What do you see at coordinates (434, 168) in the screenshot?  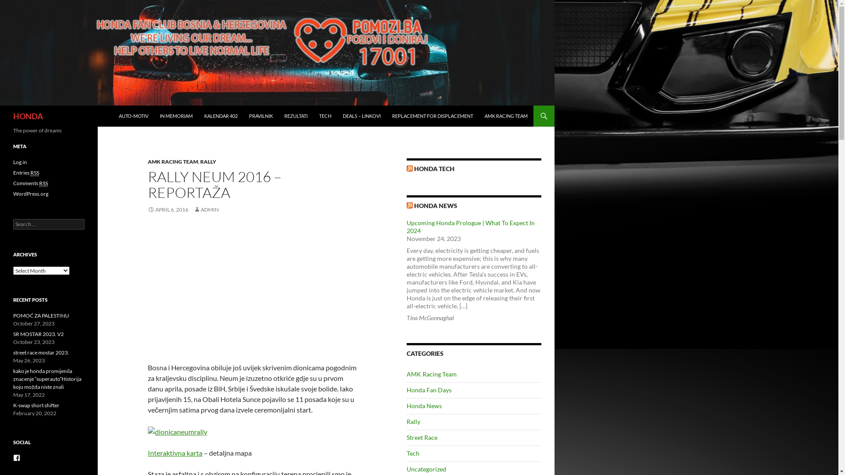 I see `'HONDA TECH'` at bounding box center [434, 168].